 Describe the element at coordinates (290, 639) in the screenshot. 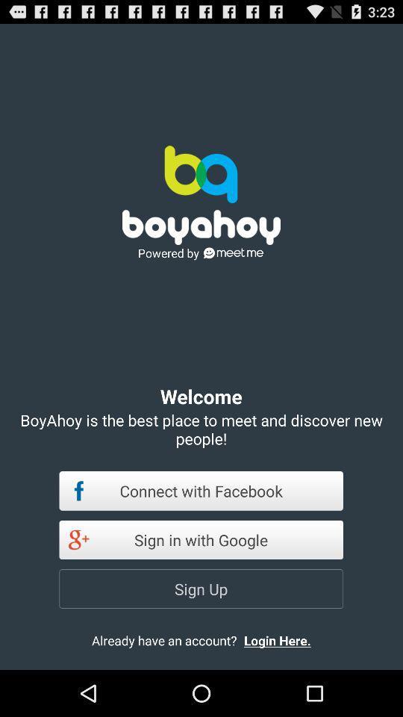

I see `app next to the already have an` at that location.